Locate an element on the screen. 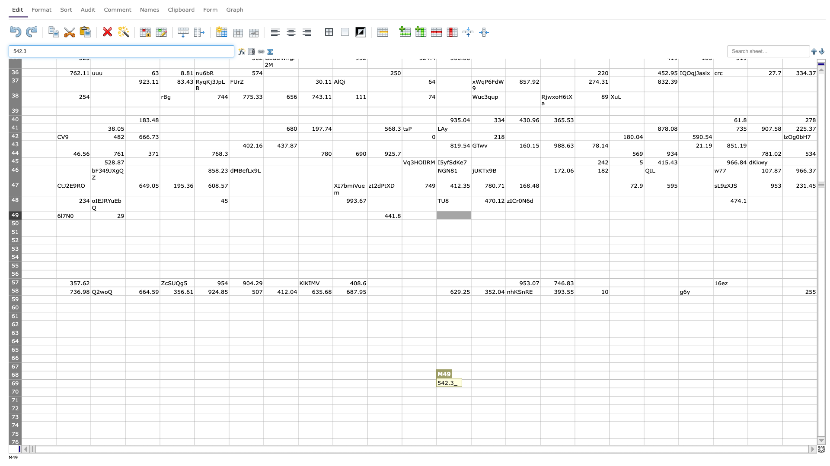 This screenshot has height=466, width=830. Fill handle point of O-69 is located at coordinates (539, 387).